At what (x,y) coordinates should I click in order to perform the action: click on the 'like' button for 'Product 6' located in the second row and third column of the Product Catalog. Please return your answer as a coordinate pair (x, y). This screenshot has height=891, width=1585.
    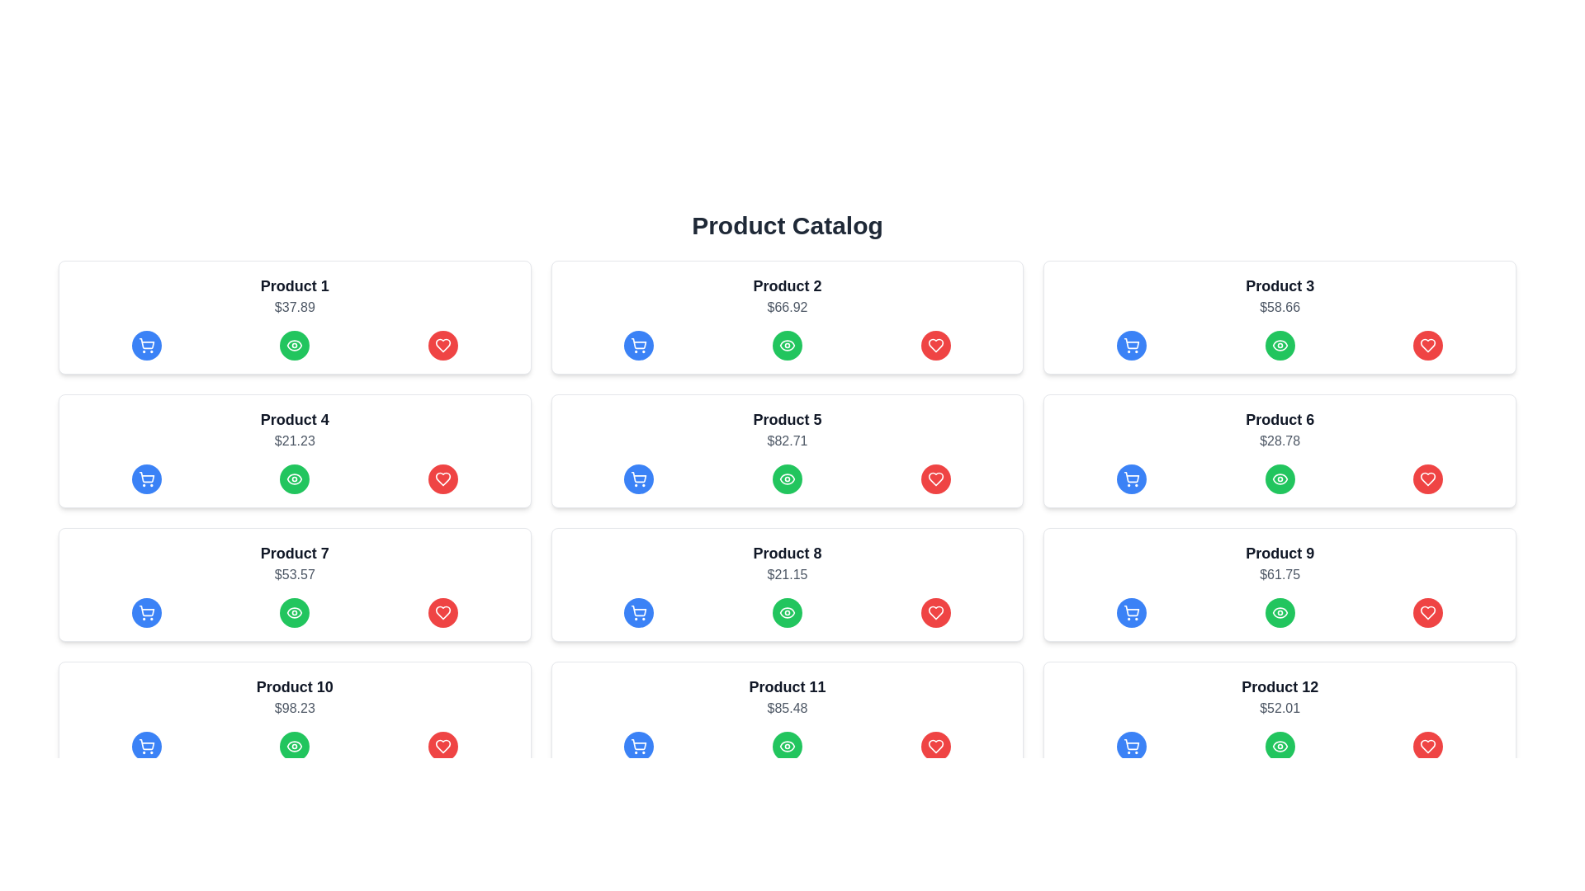
    Looking at the image, I should click on (1427, 479).